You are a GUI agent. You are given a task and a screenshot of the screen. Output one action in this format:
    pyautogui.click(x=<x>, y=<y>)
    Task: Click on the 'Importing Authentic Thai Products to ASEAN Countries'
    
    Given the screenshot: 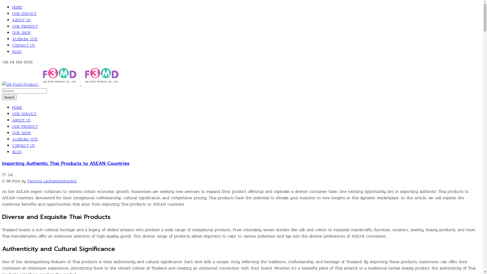 What is the action you would take?
    pyautogui.click(x=2, y=163)
    